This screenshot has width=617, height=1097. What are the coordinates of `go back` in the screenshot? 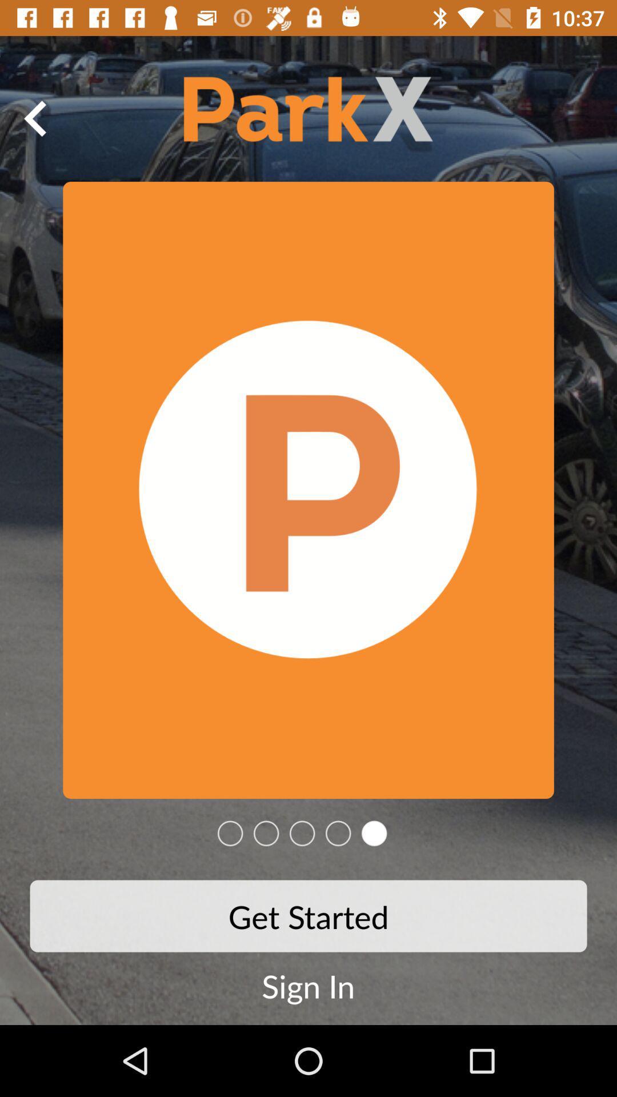 It's located at (35, 118).